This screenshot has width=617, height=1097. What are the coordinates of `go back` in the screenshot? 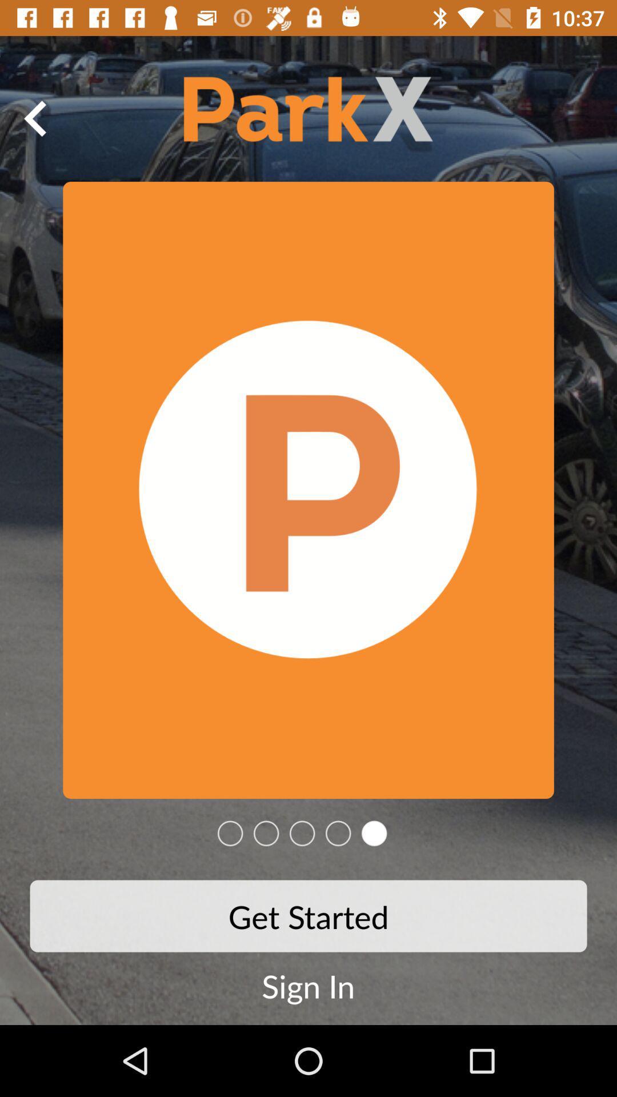 It's located at (35, 118).